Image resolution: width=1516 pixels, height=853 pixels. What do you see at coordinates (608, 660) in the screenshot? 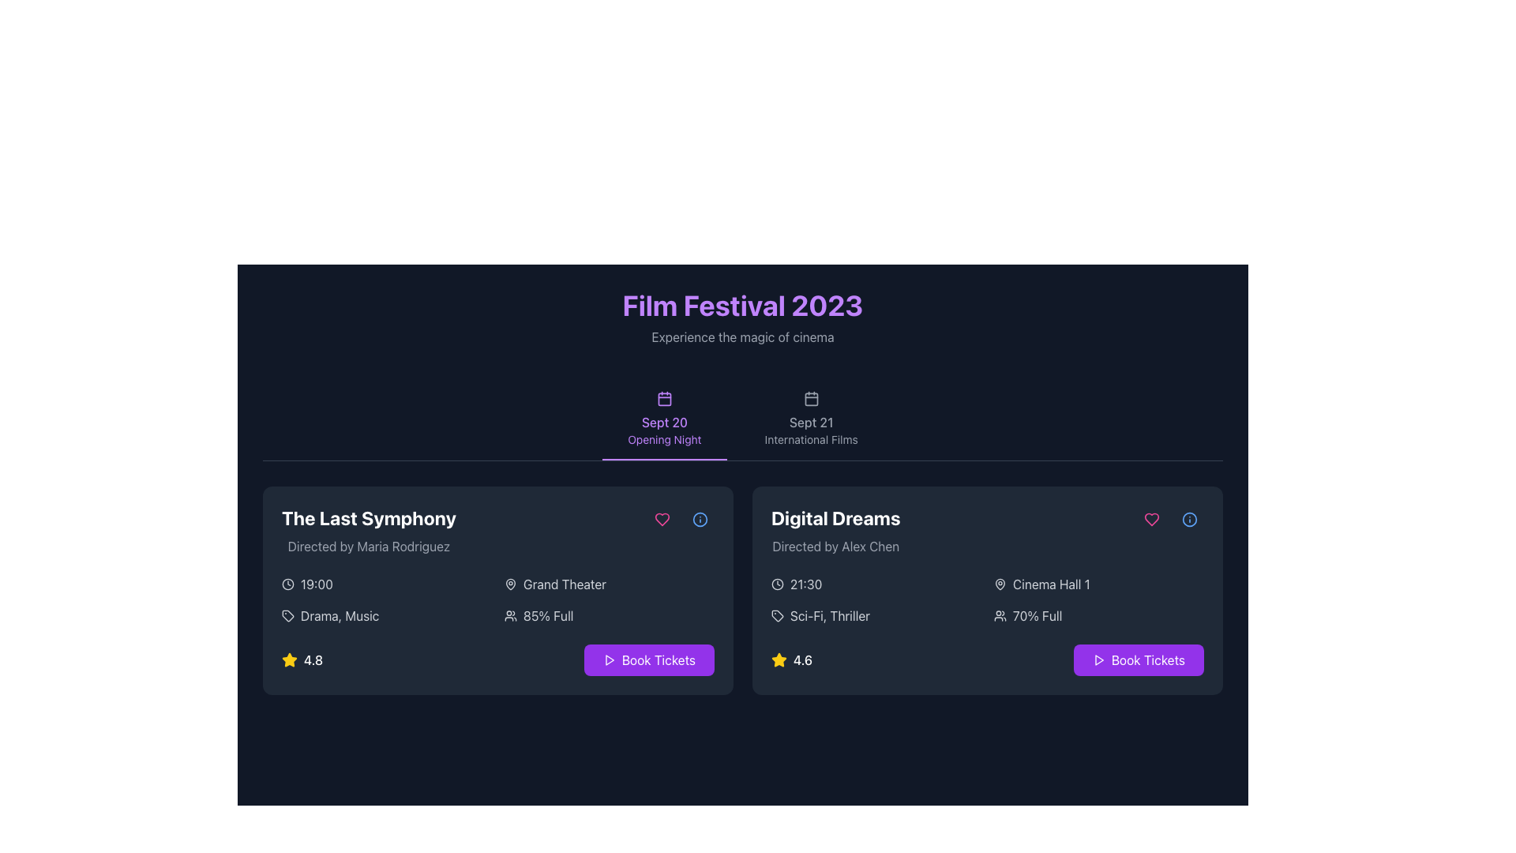
I see `the interactive play or book icon located within the 'Book Tickets' button at the bottom right corner of the 'Digital Dreams' movie card` at bounding box center [608, 660].